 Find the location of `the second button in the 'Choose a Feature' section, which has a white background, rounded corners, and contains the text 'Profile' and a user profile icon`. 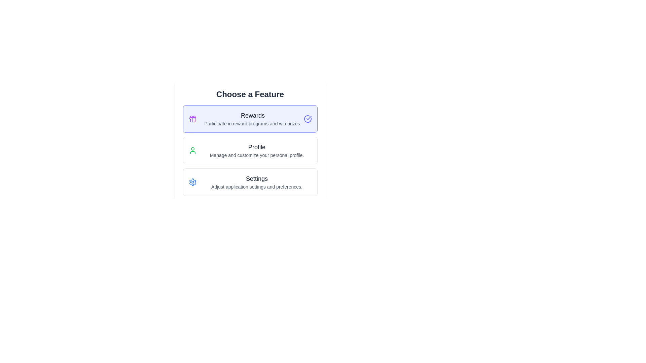

the second button in the 'Choose a Feature' section, which has a white background, rounded corners, and contains the text 'Profile' and a user profile icon is located at coordinates (250, 150).